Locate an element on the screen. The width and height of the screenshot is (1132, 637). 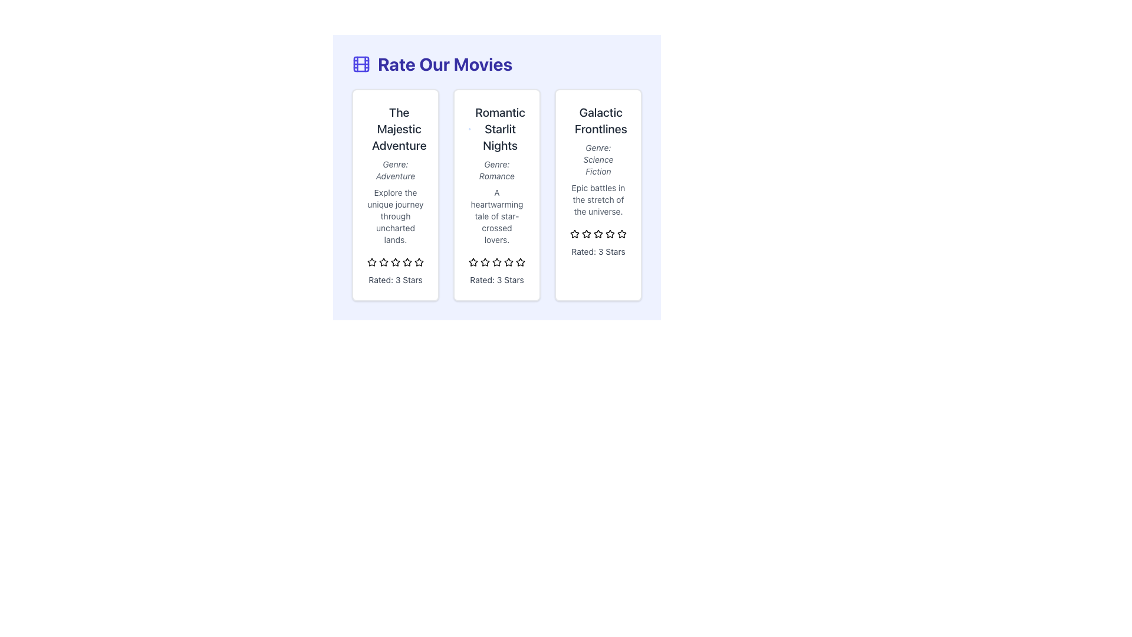
static text element displaying the rating value '3 Stars' located at the bottom center of the card for 'Galactic Frontlines', positioned directly below the five star rating icons is located at coordinates (598, 251).